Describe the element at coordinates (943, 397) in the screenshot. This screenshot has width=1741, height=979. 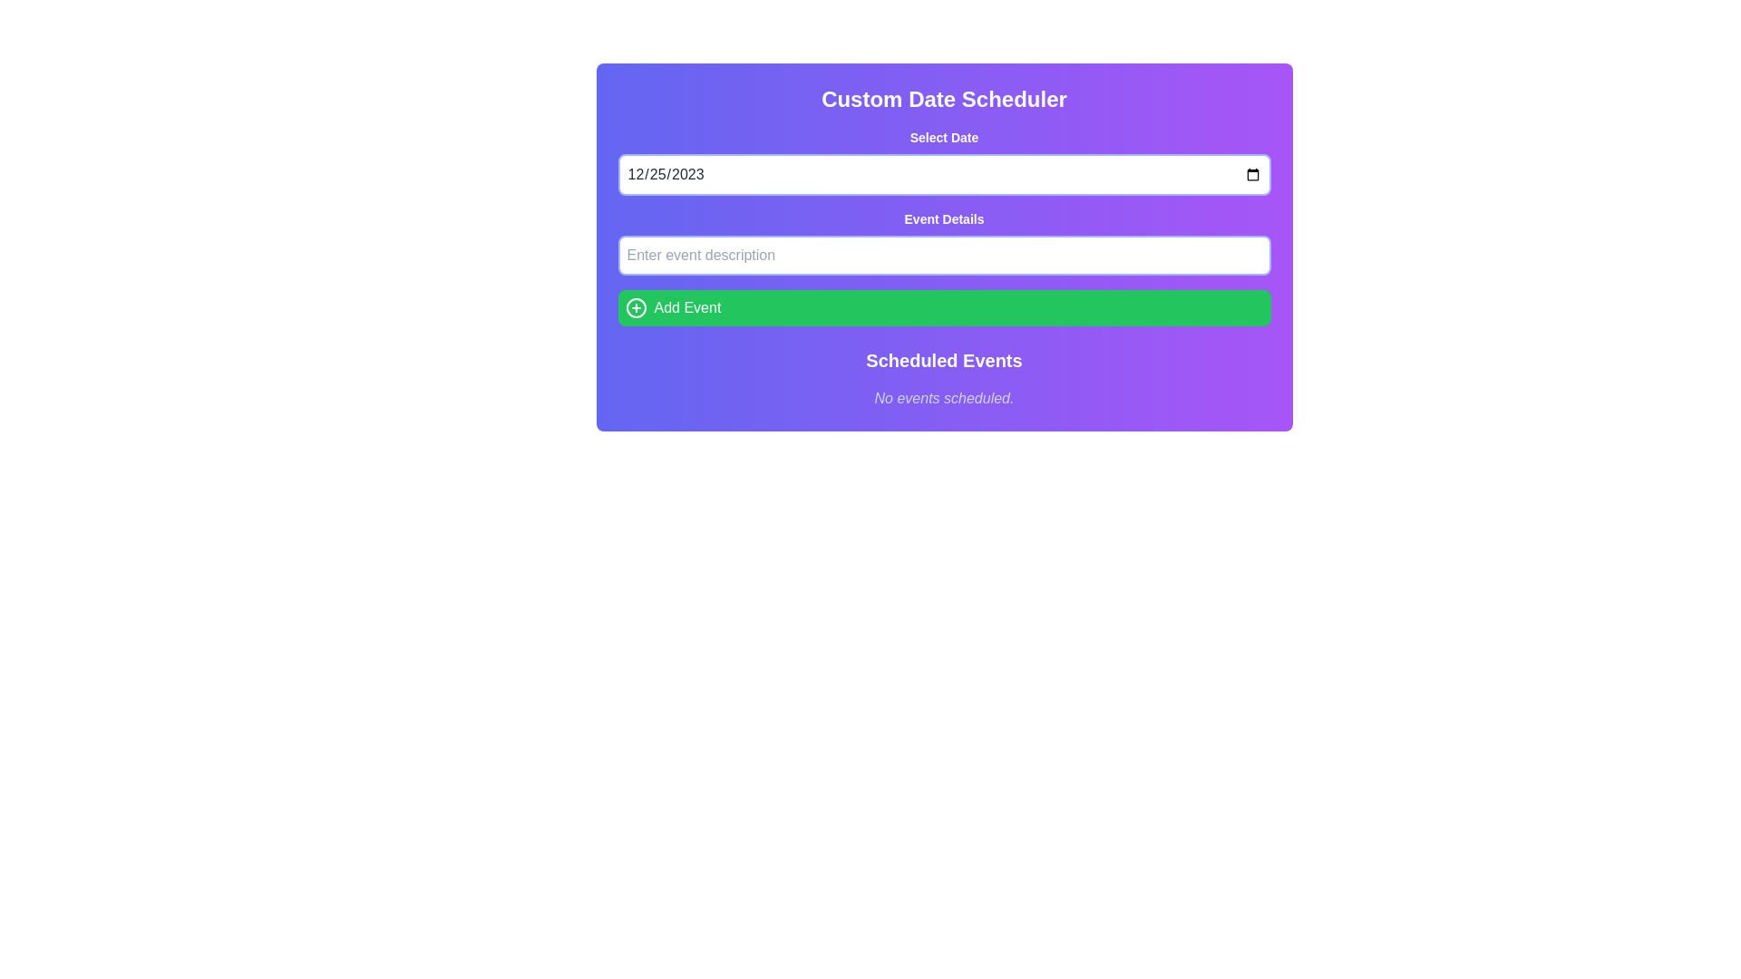
I see `the static text label indicating that no events are currently scheduled, located below the 'Scheduled Events' heading and horizontally centered` at that location.